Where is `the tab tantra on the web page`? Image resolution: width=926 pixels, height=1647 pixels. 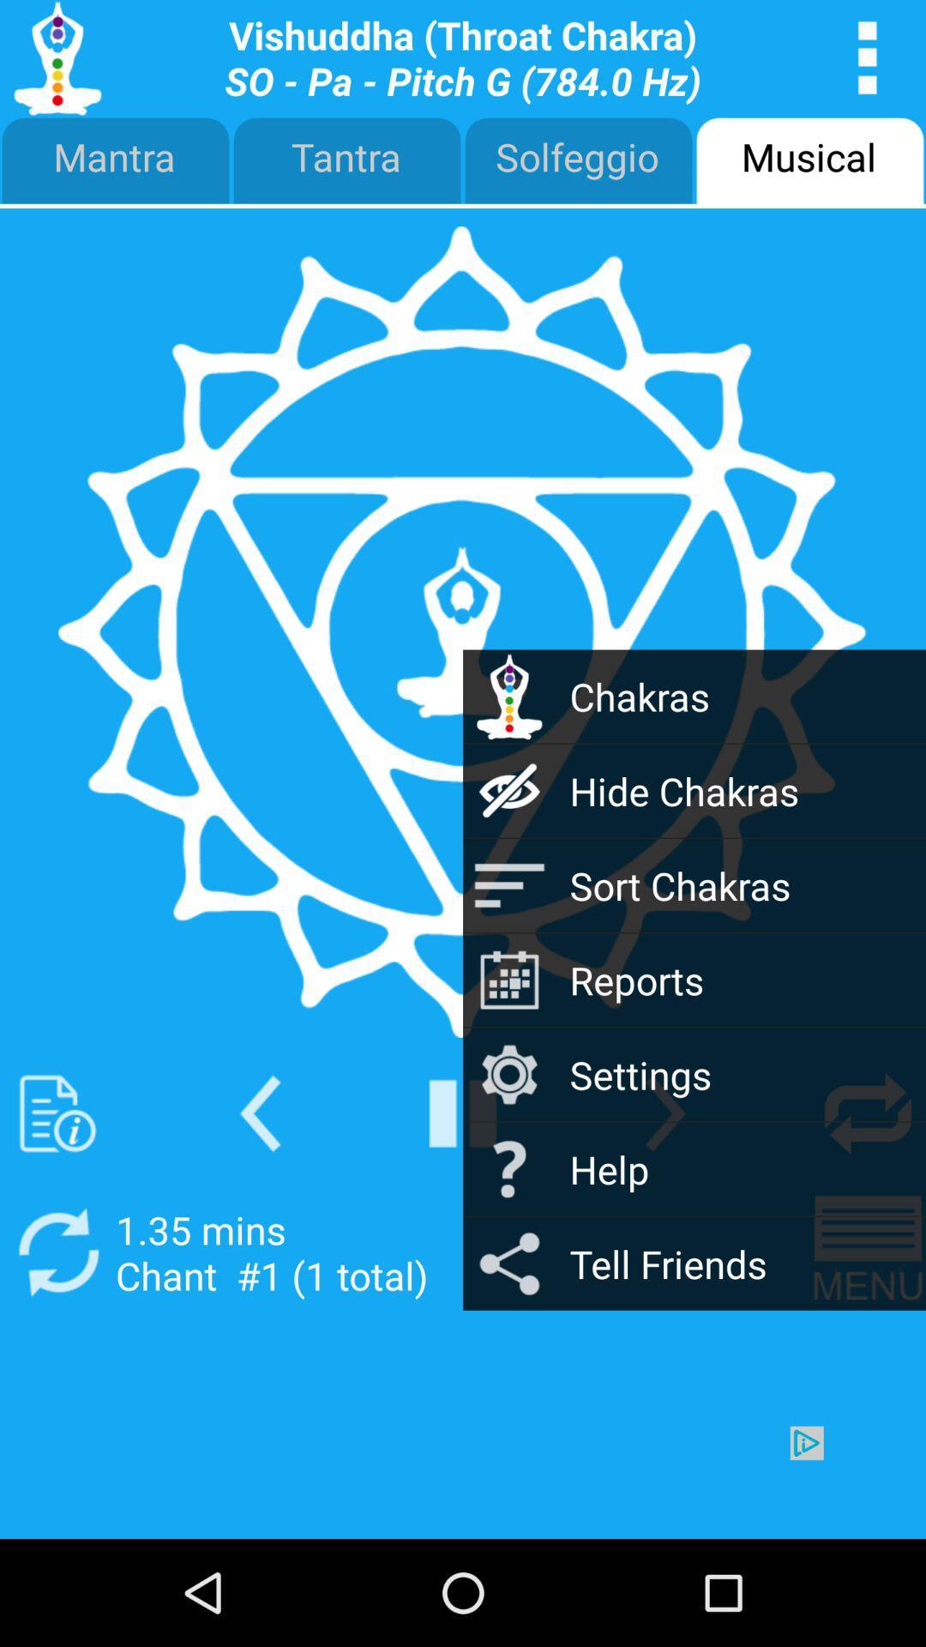
the tab tantra on the web page is located at coordinates (347, 161).